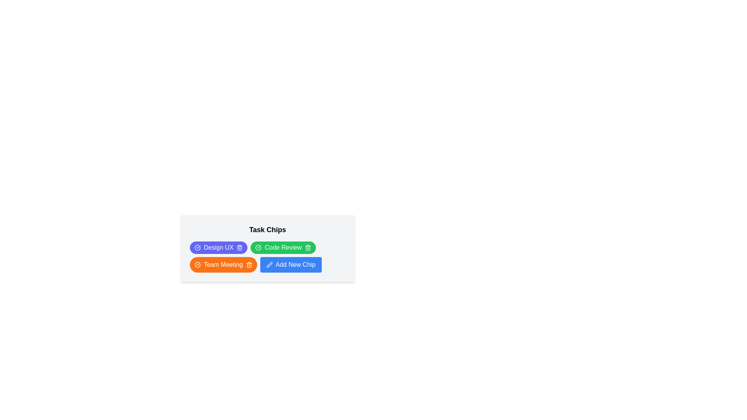 This screenshot has width=747, height=420. I want to click on the purple circular icon with a white checkmark, located on the left side of the 'Design UX' text within the 'Task Chips' grid layout, so click(198, 247).